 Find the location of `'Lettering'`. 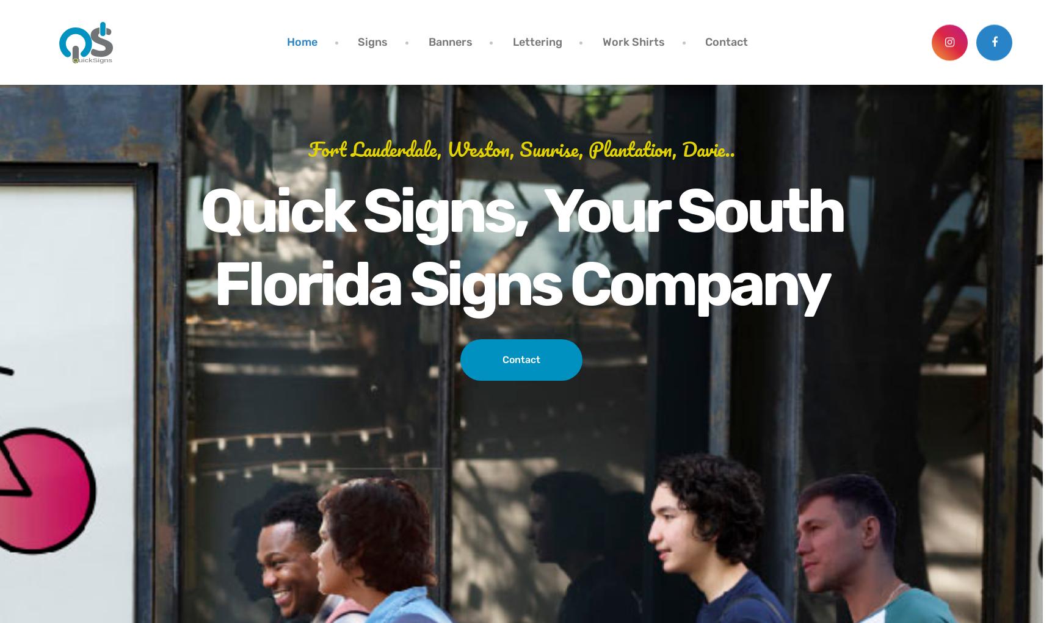

'Lettering' is located at coordinates (536, 41).